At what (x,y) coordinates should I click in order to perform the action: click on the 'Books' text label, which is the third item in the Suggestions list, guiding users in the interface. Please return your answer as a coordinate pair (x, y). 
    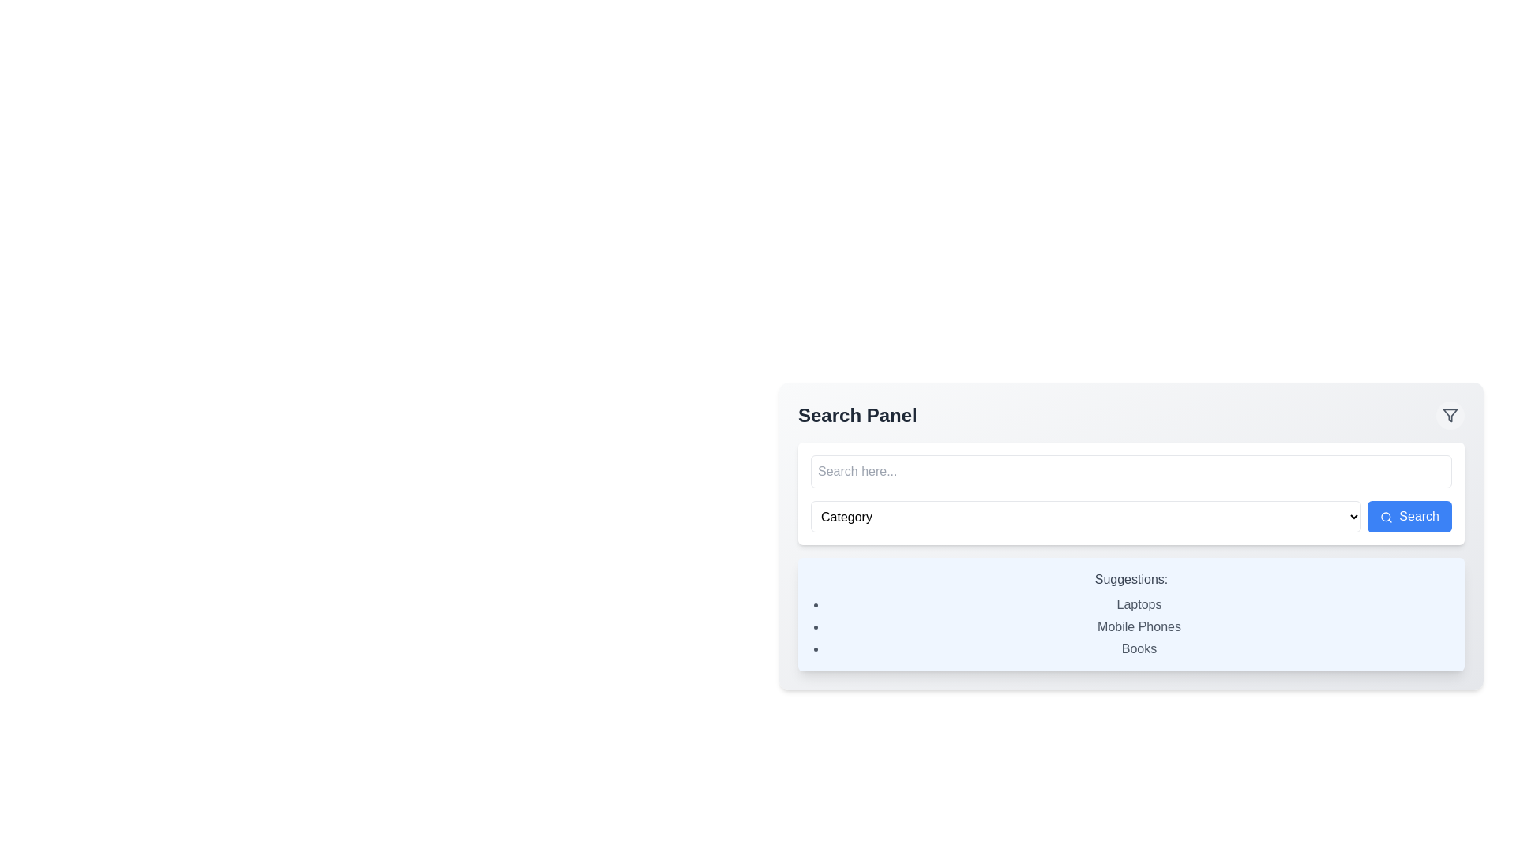
    Looking at the image, I should click on (1139, 648).